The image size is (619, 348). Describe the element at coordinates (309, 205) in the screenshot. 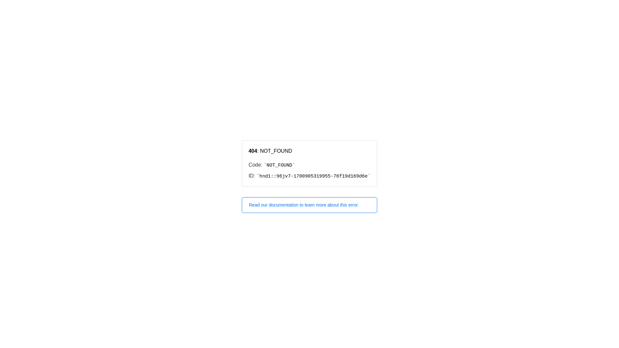

I see `'Read our documentation to learn more about this error.'` at that location.